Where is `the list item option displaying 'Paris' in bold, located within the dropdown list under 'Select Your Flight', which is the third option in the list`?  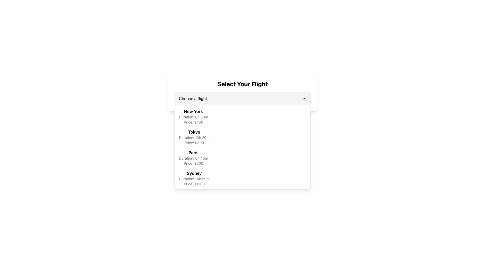 the list item option displaying 'Paris' in bold, located within the dropdown list under 'Select Your Flight', which is the third option in the list is located at coordinates (242, 158).